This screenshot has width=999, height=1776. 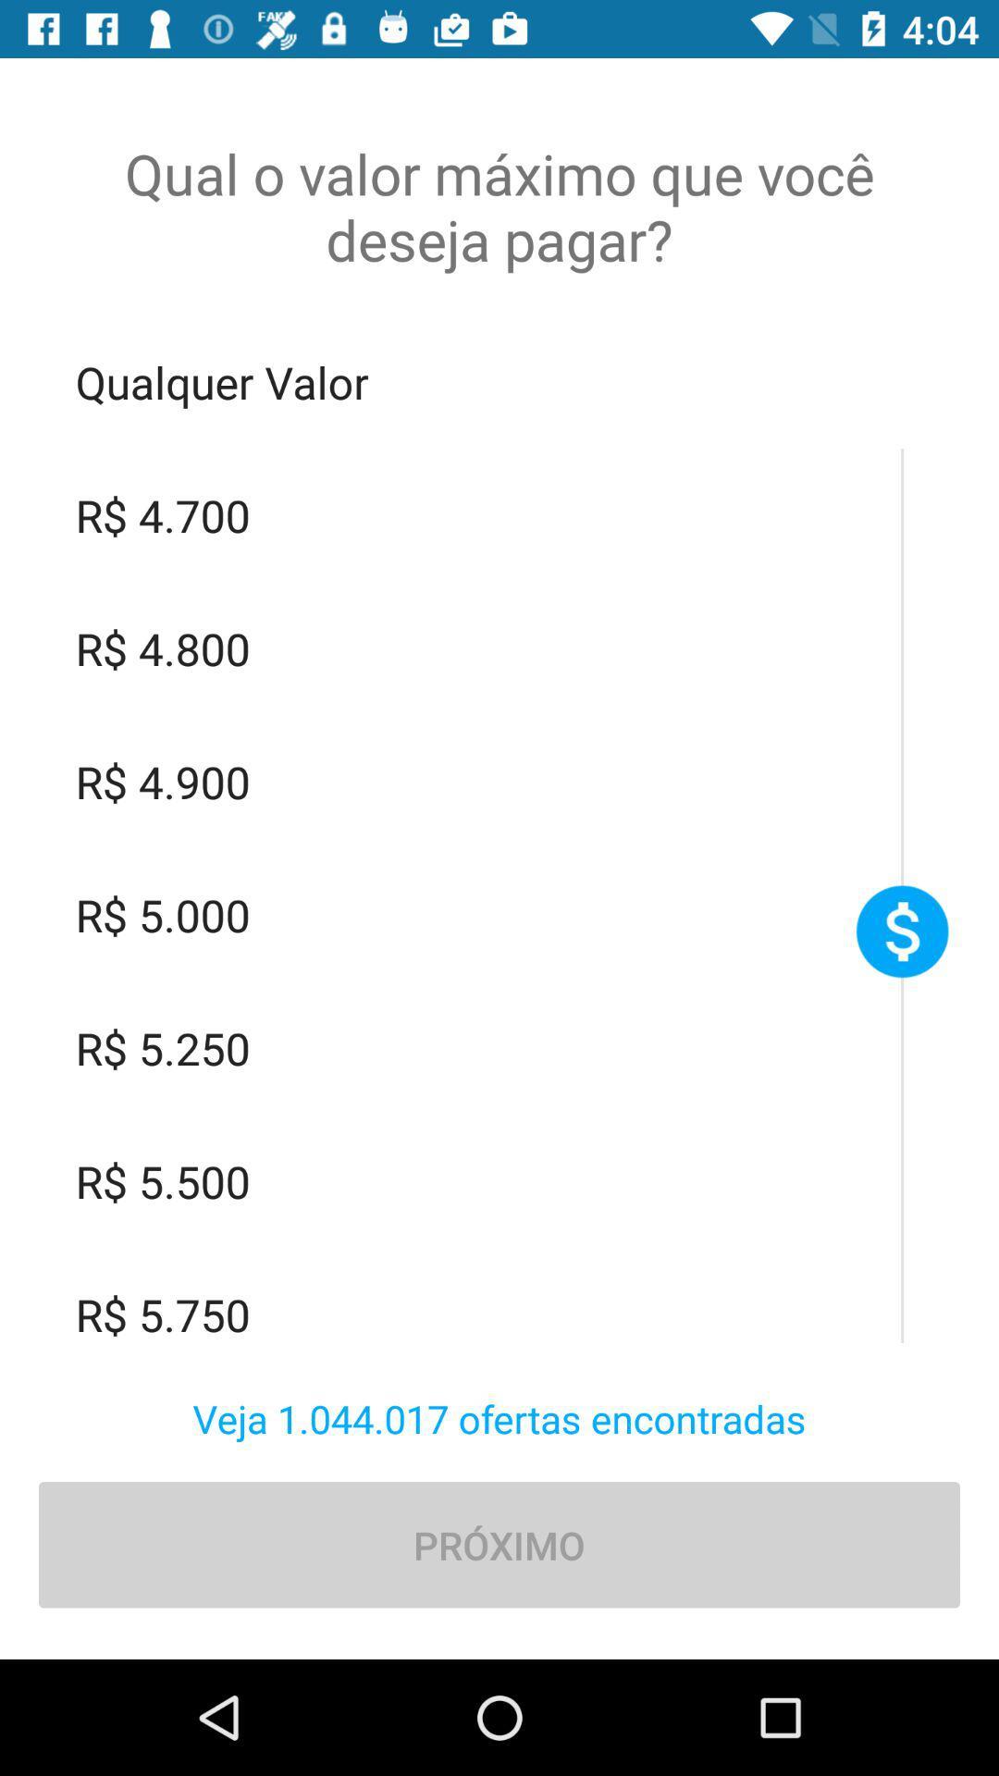 What do you see at coordinates (499, 381) in the screenshot?
I see `the item below qual o valor` at bounding box center [499, 381].